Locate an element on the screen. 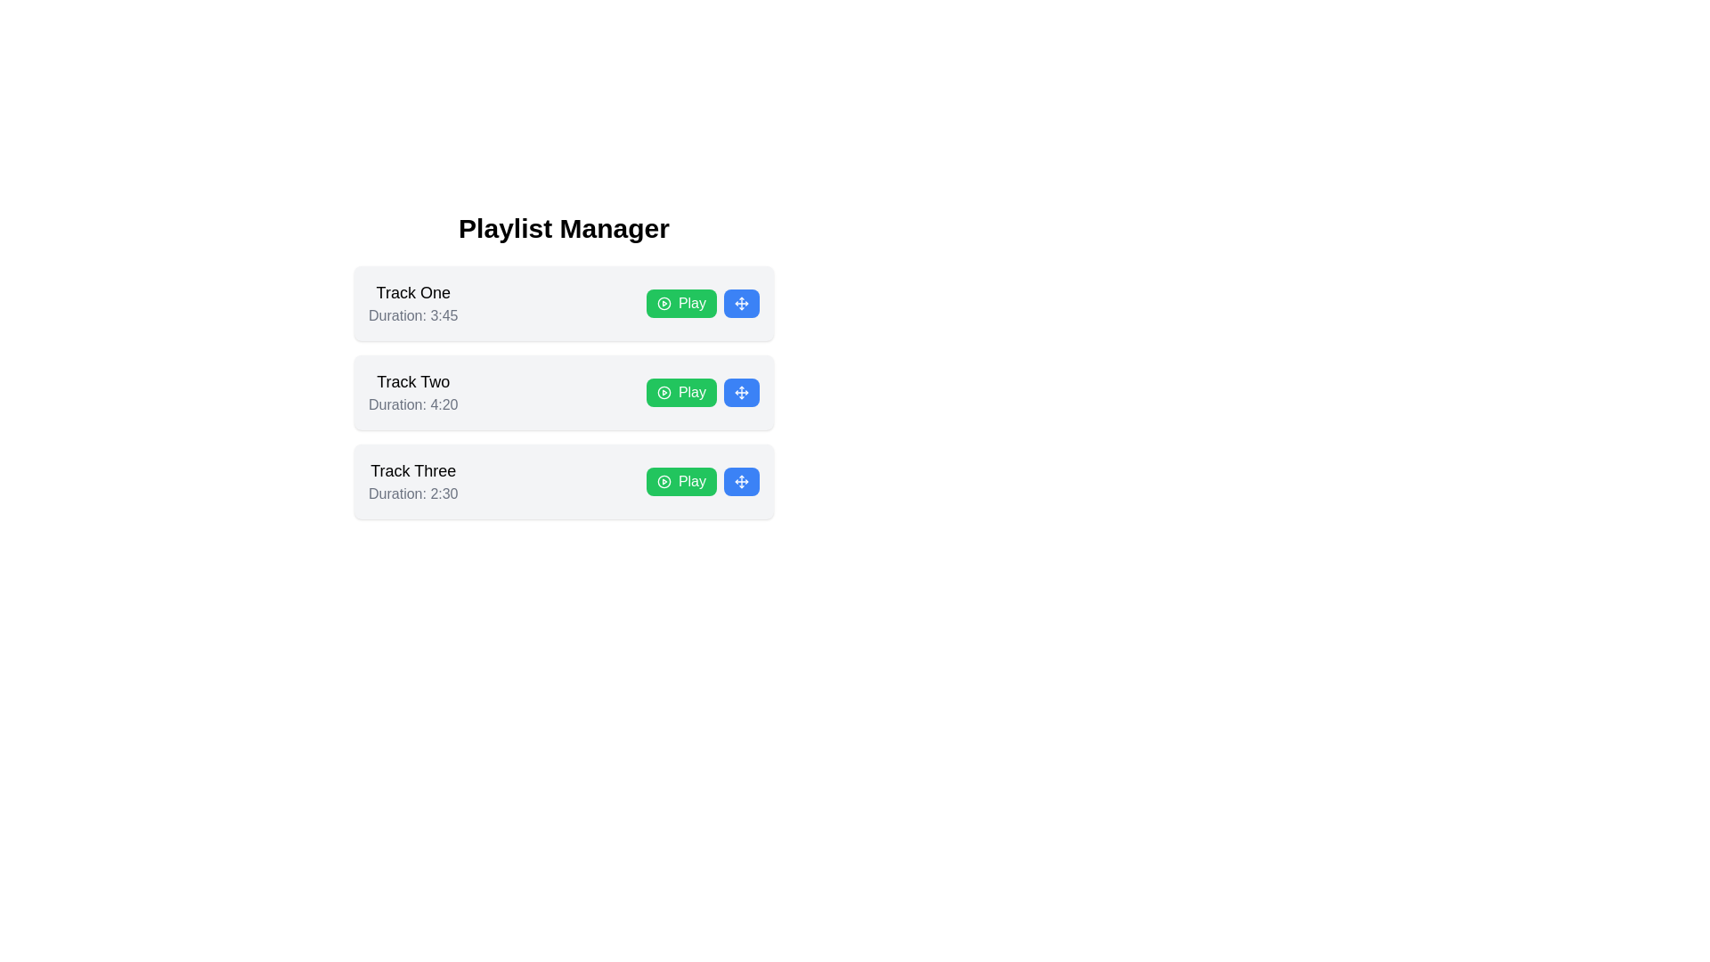 The width and height of the screenshot is (1710, 962). the green 'Play' button located on the right side of the 'Track Three' item is located at coordinates (702, 481).